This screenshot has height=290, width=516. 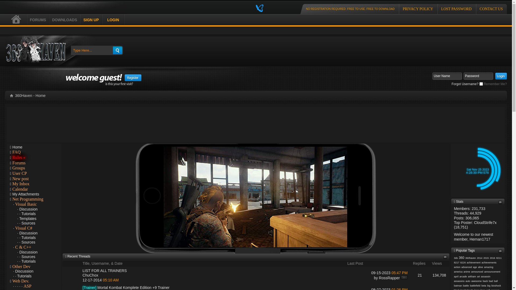 I want to click on 'Discussion', so click(x=24, y=271).